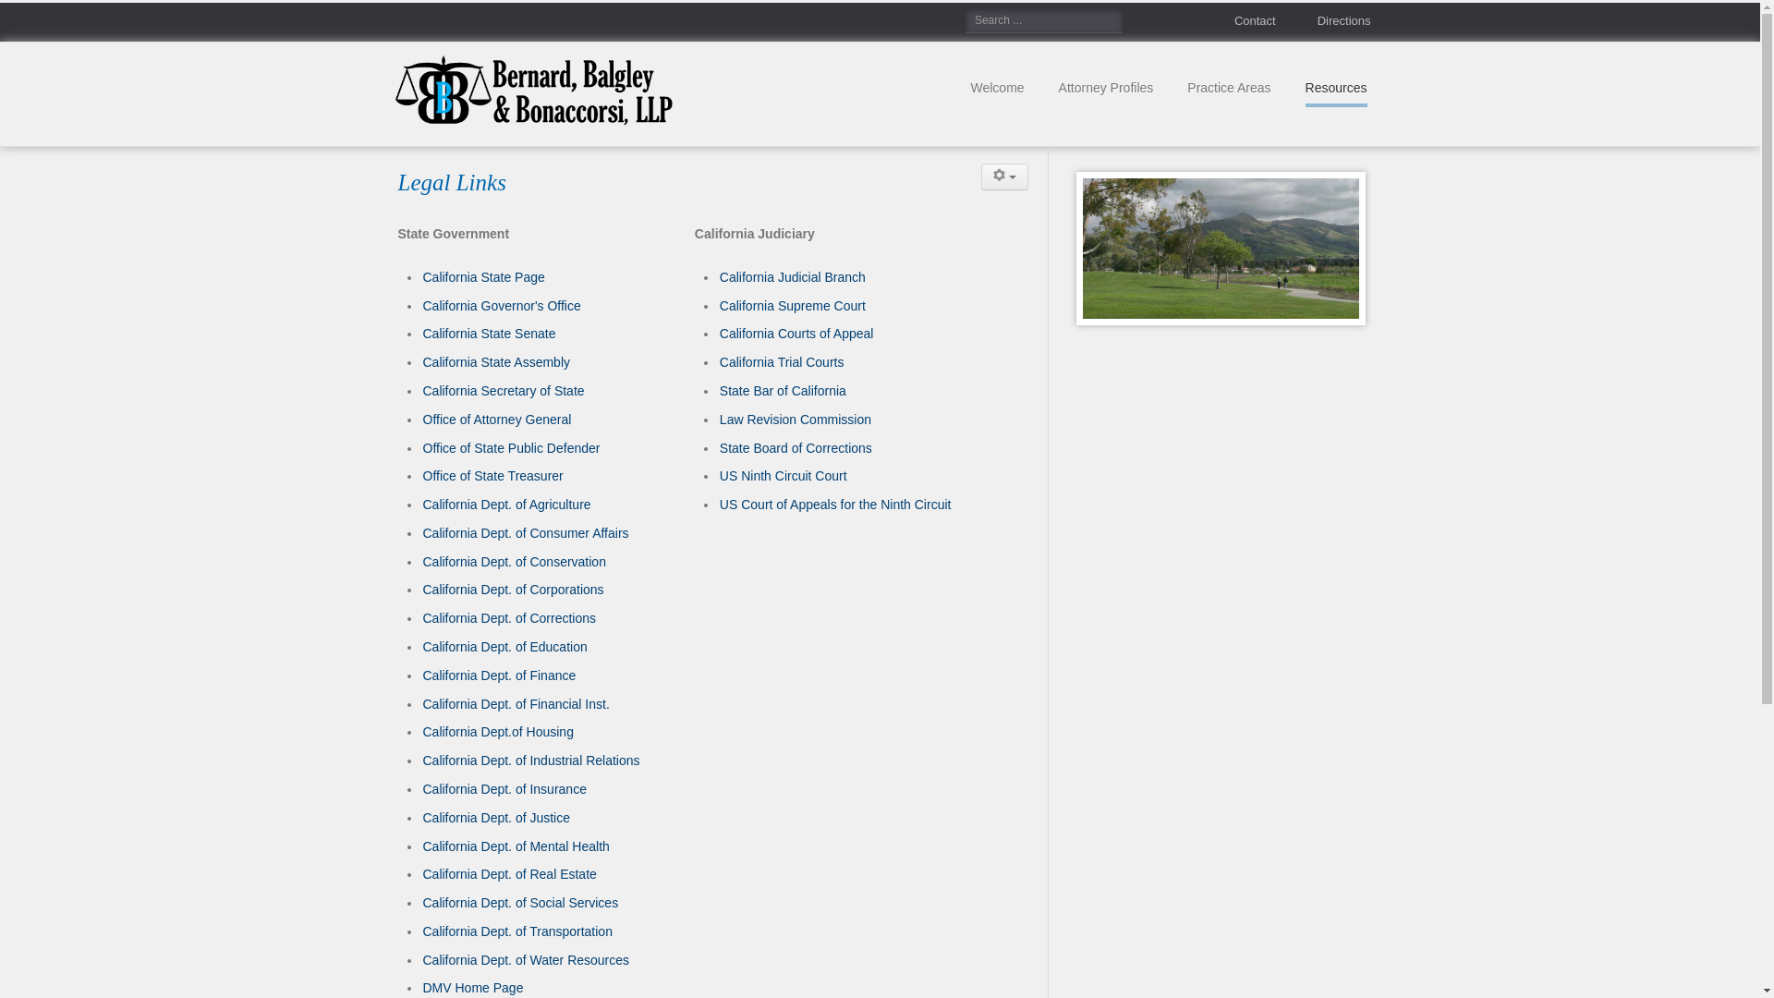  What do you see at coordinates (718, 475) in the screenshot?
I see `'US Ninth Circuit Court'` at bounding box center [718, 475].